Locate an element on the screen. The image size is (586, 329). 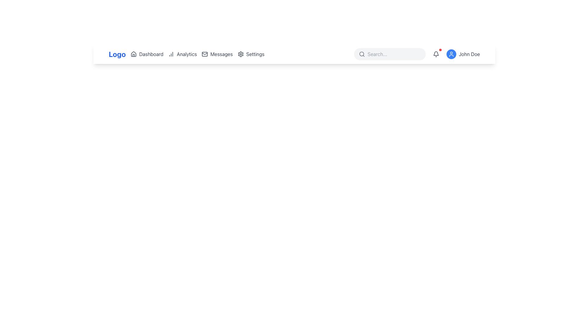
the circular lens component of the search icon, which is part of the graphical magnifying glass in the top right quarter of the interface is located at coordinates (362, 54).